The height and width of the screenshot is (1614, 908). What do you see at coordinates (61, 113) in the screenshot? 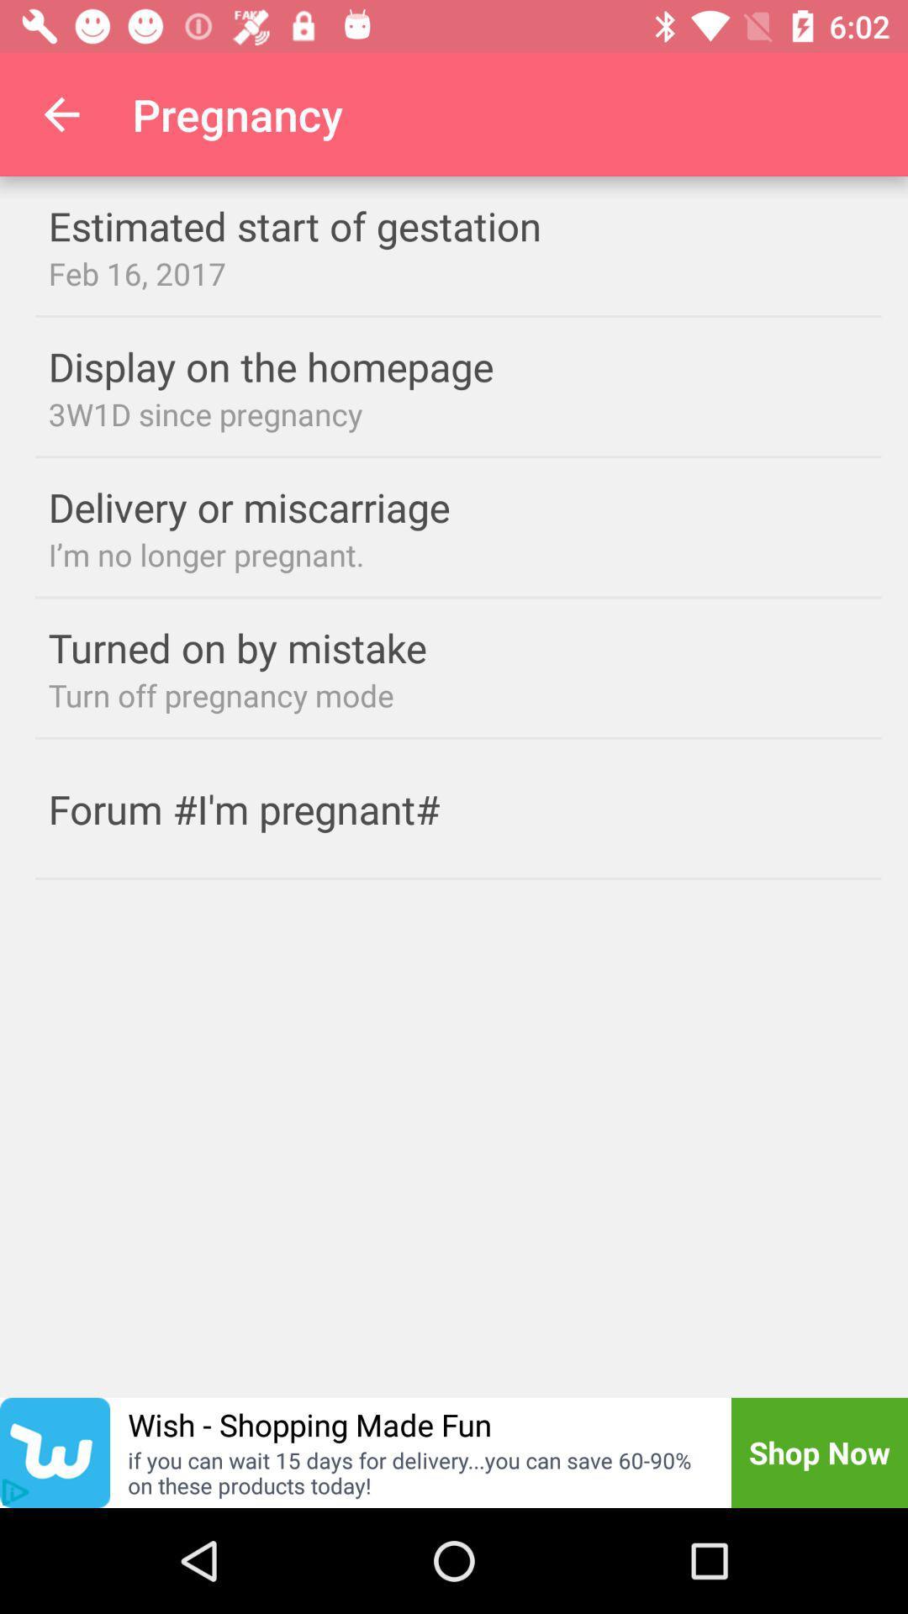
I see `the item above estimated start of` at bounding box center [61, 113].